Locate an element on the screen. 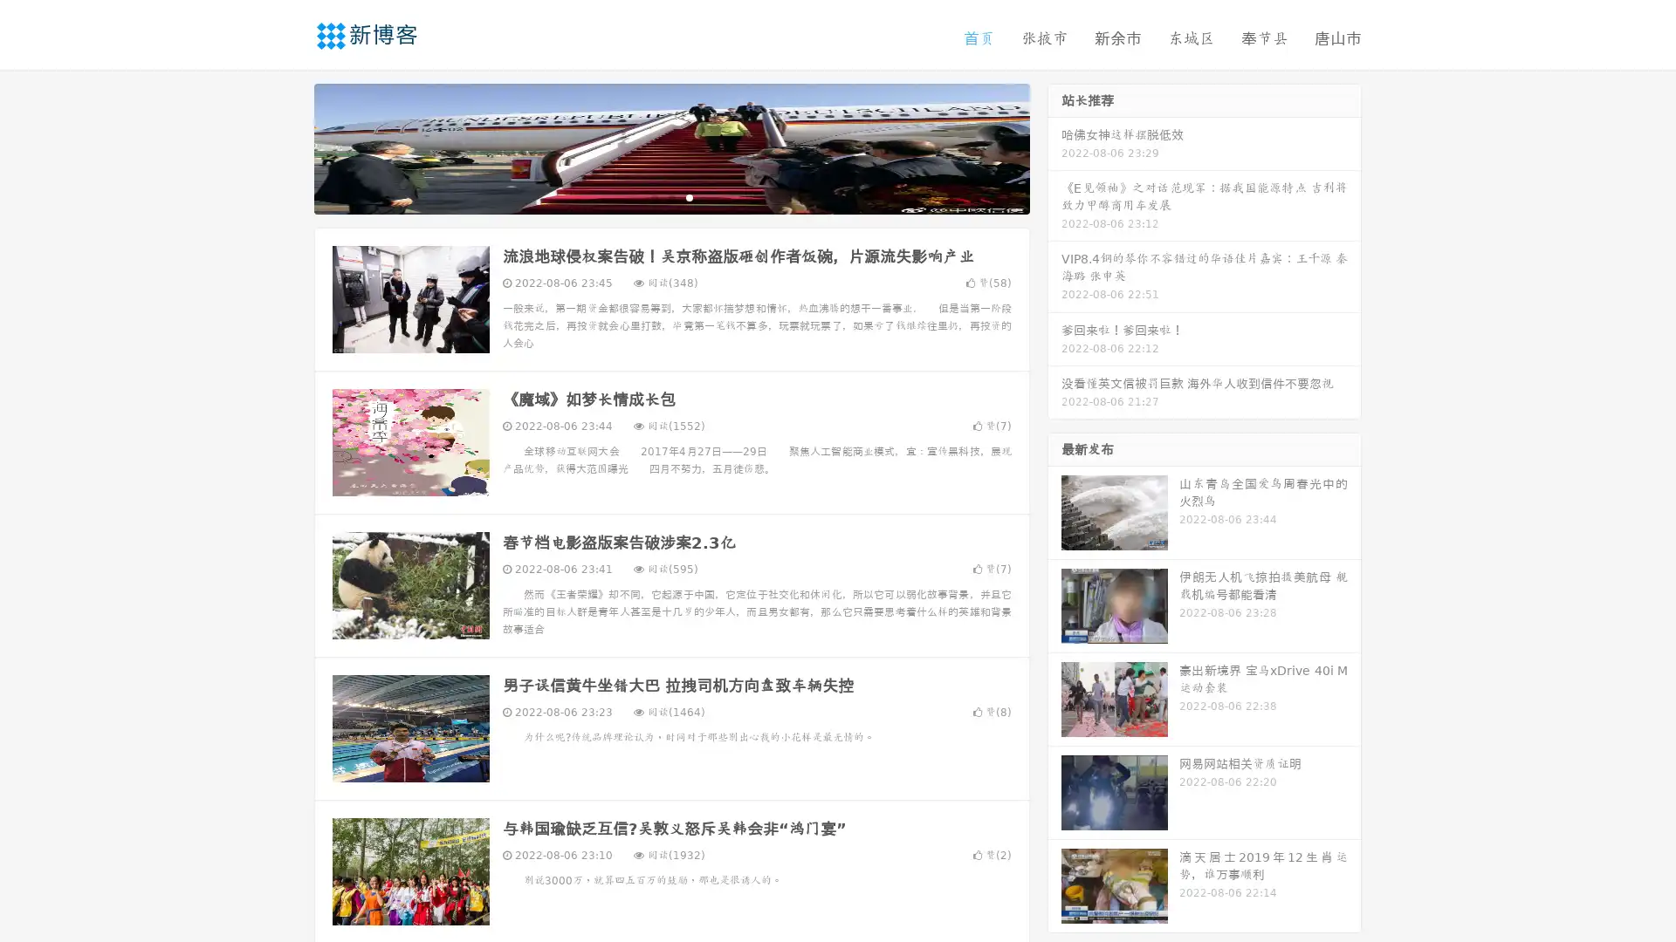  Previous slide is located at coordinates (288, 147).